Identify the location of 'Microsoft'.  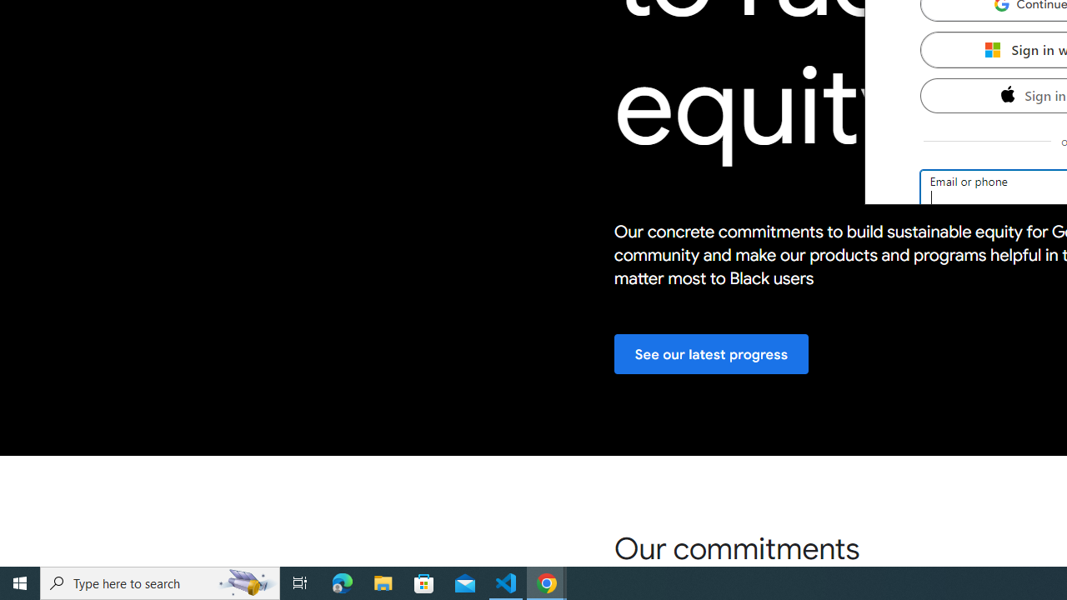
(992, 48).